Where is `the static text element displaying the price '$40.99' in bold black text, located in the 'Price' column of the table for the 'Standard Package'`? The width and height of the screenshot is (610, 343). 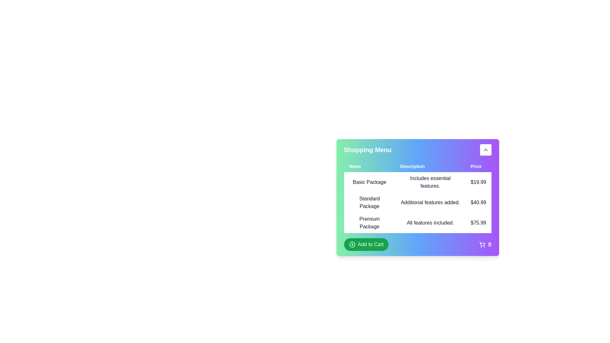
the static text element displaying the price '$40.99' in bold black text, located in the 'Price' column of the table for the 'Standard Package' is located at coordinates (478, 202).